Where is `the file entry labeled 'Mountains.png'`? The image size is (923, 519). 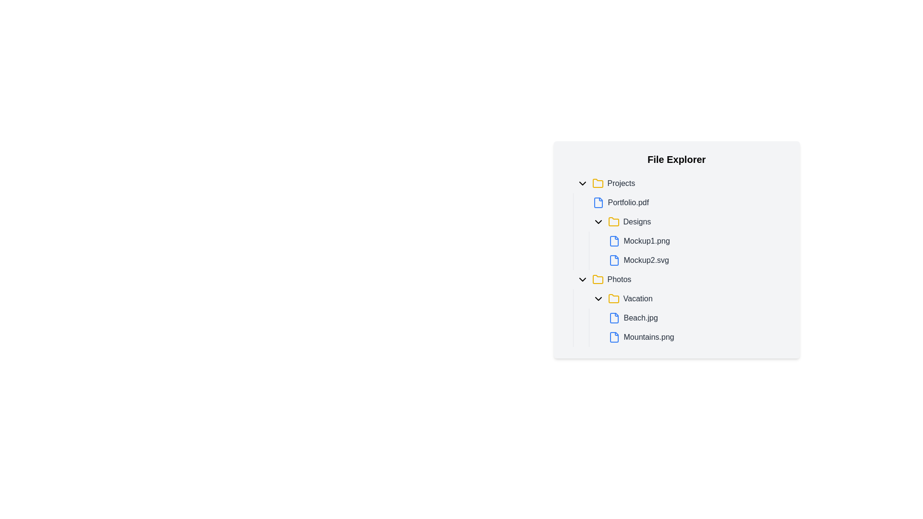
the file entry labeled 'Mountains.png' is located at coordinates (696, 337).